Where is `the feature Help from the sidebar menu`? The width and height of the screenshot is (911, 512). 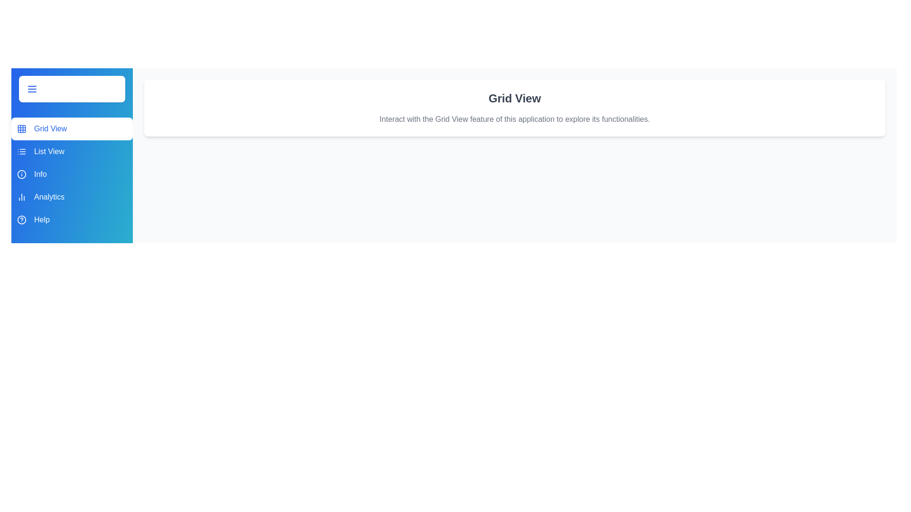 the feature Help from the sidebar menu is located at coordinates (72, 219).